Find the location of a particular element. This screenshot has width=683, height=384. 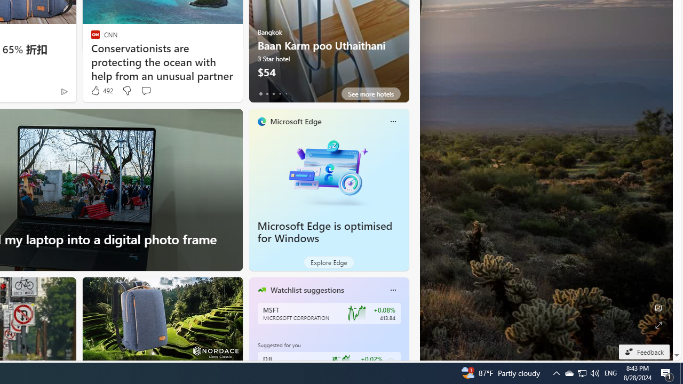

'tab-2' is located at coordinates (273, 93).